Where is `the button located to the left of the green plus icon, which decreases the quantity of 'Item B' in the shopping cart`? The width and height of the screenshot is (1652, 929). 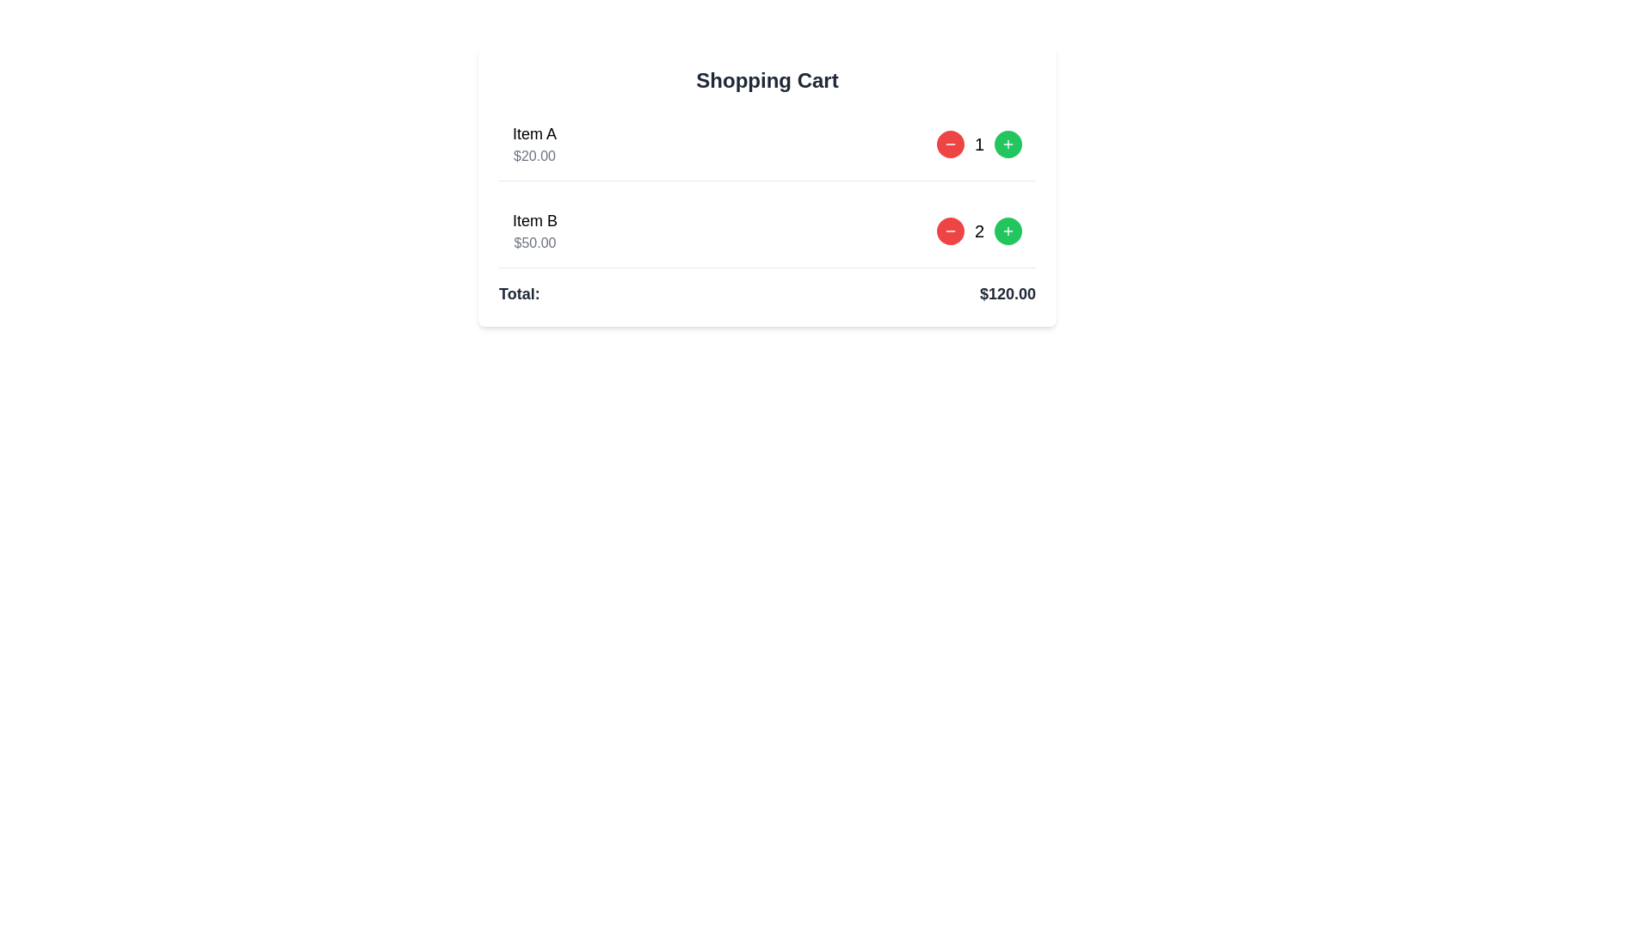 the button located to the left of the green plus icon, which decreases the quantity of 'Item B' in the shopping cart is located at coordinates (949, 231).